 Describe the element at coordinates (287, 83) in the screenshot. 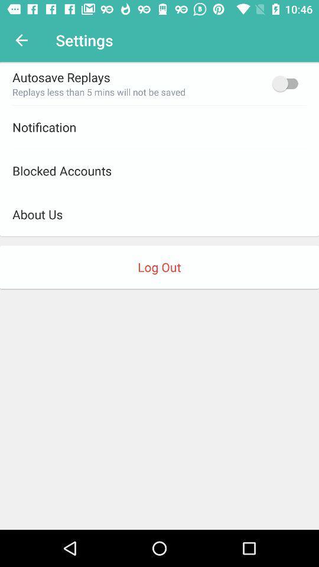

I see `autosave option` at that location.